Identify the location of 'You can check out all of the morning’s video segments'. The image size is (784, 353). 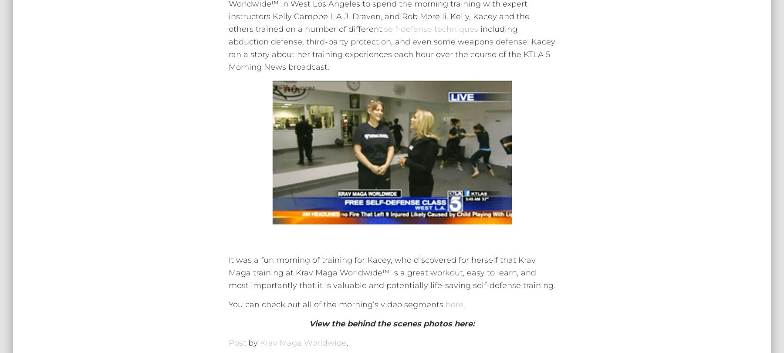
(337, 304).